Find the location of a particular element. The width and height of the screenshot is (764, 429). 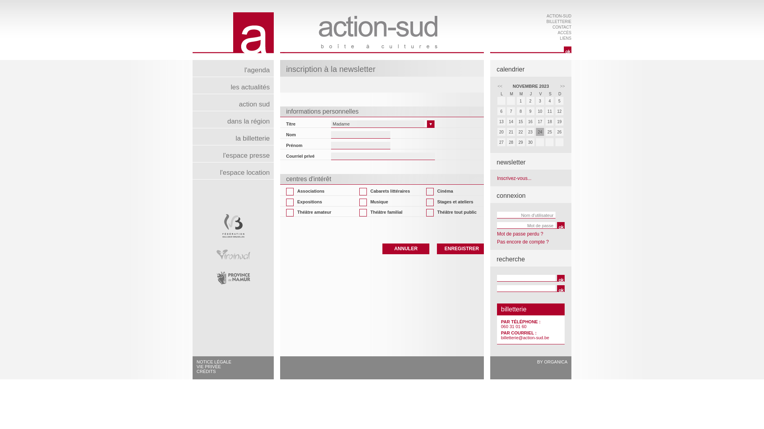

'Mot de passe perdu ?' is located at coordinates (520, 234).